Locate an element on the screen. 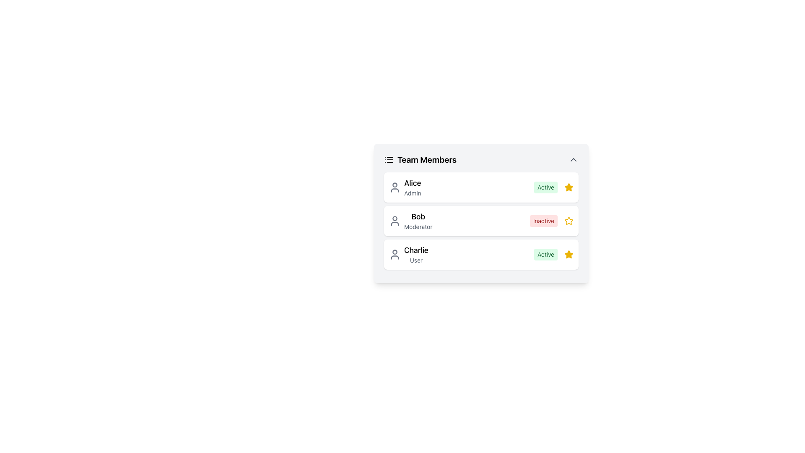 The height and width of the screenshot is (453, 805). the badge indicating the status of the team member 'Alice', located in the first row under the 'Team Members' section is located at coordinates (545, 187).